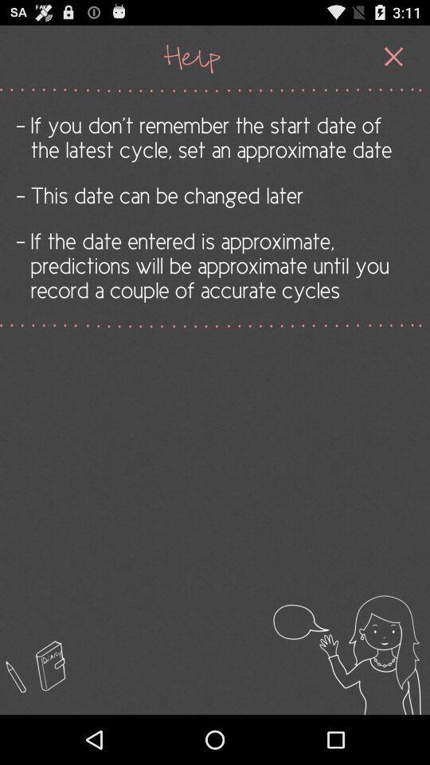  Describe the element at coordinates (393, 60) in the screenshot. I see `the close icon` at that location.